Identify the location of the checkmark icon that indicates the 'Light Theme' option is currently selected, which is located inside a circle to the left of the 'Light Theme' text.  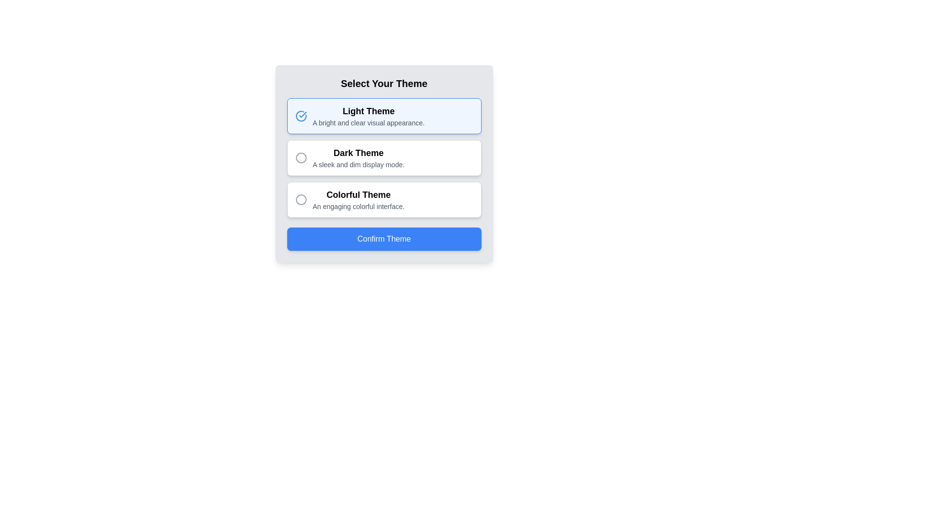
(302, 114).